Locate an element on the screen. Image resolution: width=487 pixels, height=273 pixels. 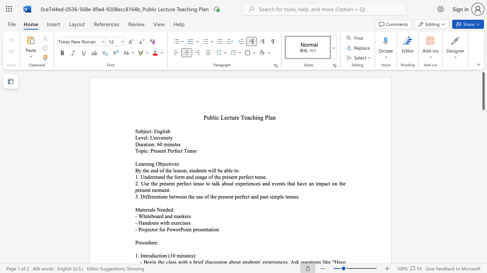
the subset text "ure" within the text "Procedure:" is located at coordinates (150, 242).